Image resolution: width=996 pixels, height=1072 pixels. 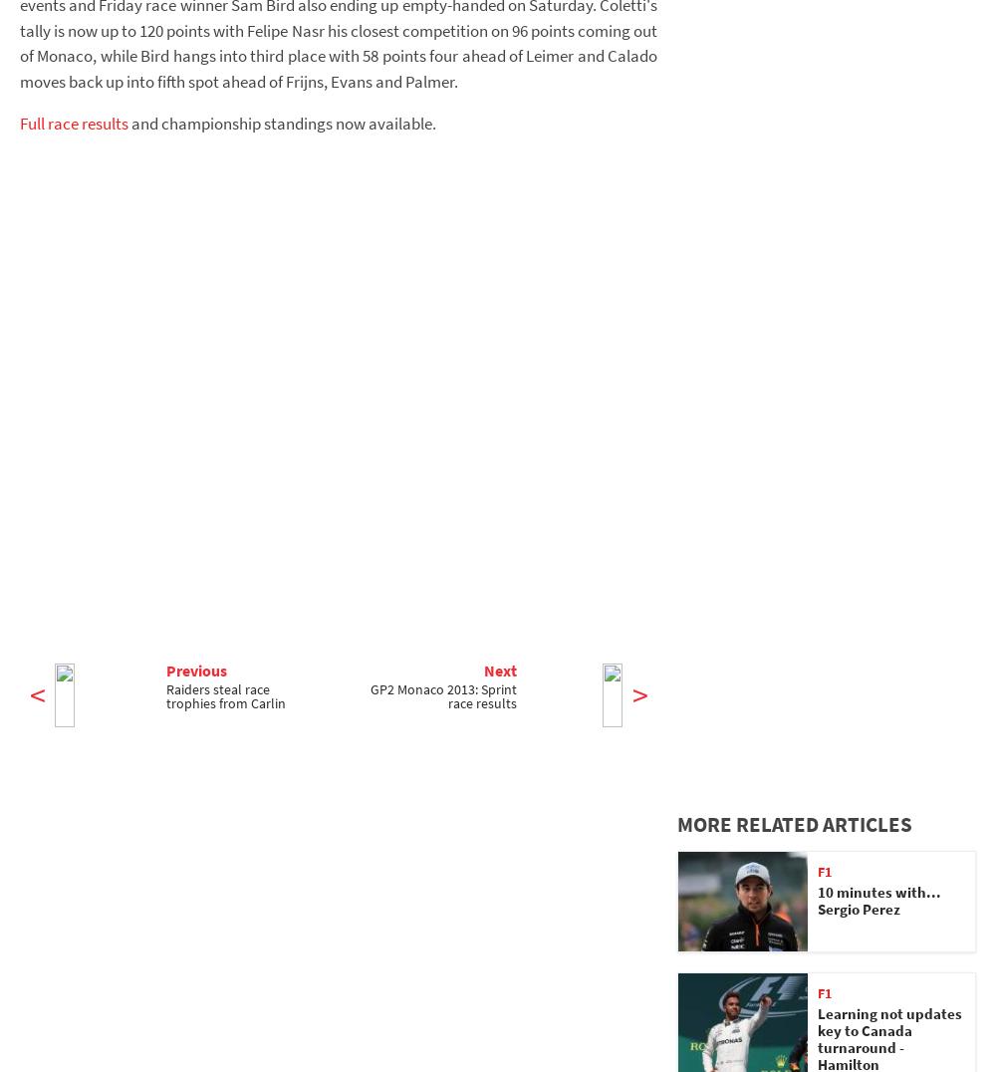 What do you see at coordinates (166, 695) in the screenshot?
I see `'Raiders steal race trophies from Carlin'` at bounding box center [166, 695].